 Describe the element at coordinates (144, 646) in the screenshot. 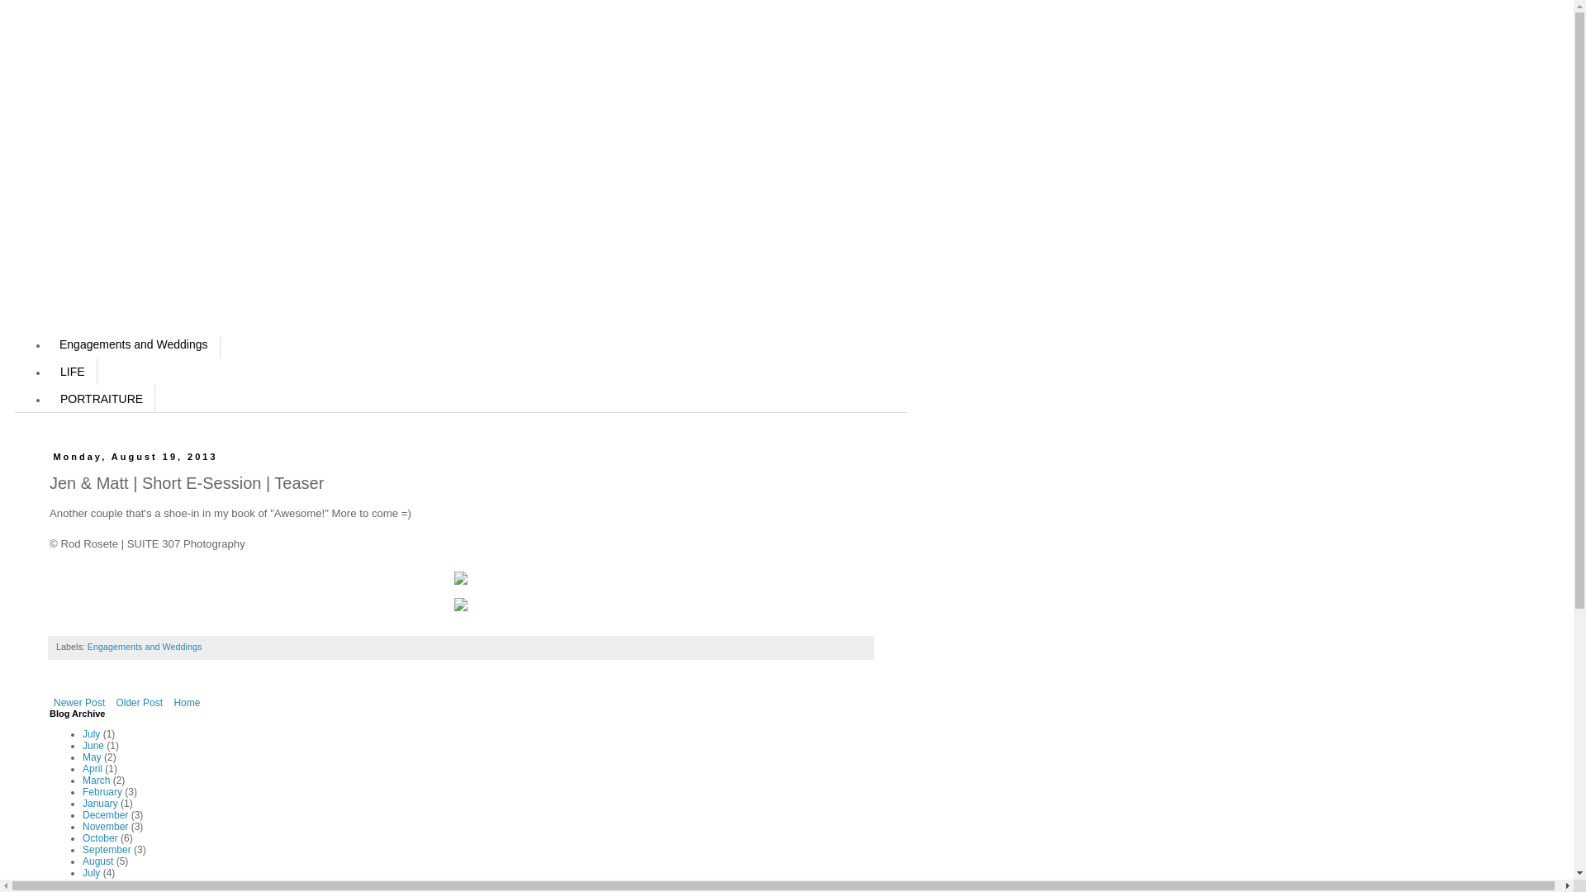

I see `'Engagements and Weddings'` at that location.